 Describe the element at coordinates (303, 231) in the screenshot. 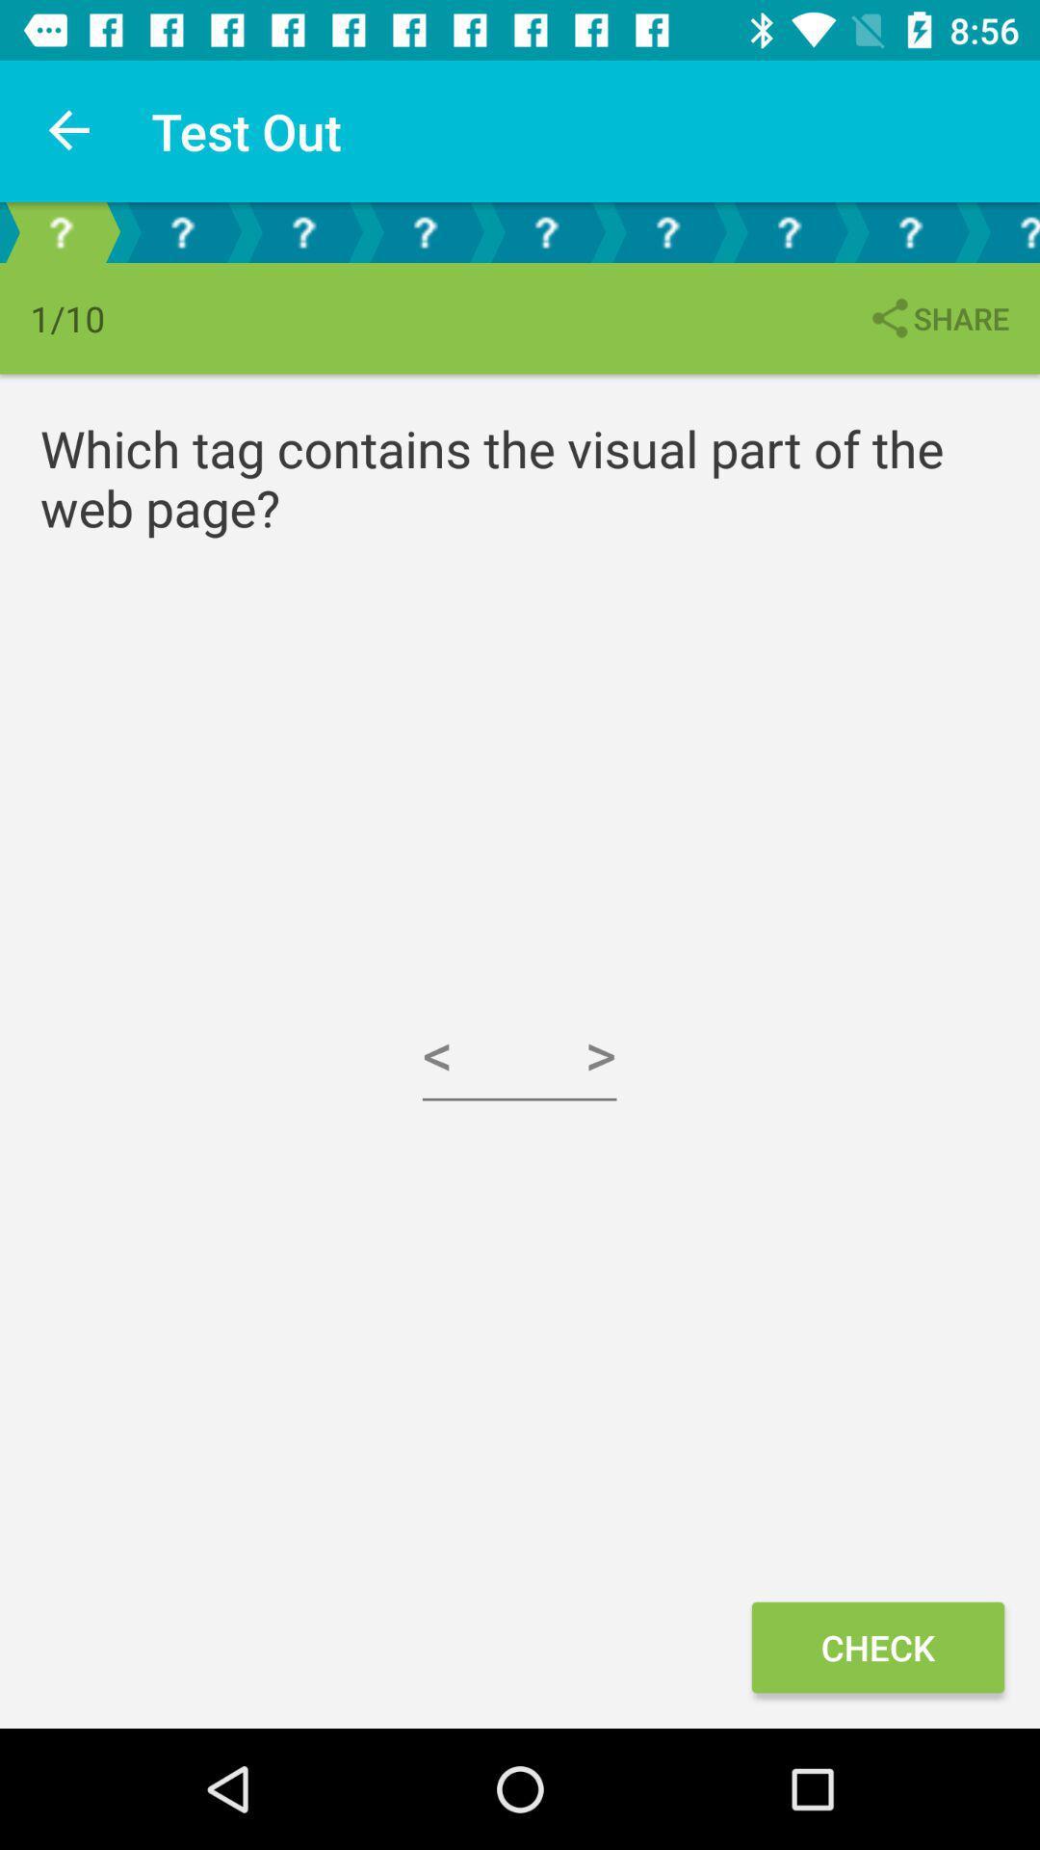

I see `question mark` at that location.